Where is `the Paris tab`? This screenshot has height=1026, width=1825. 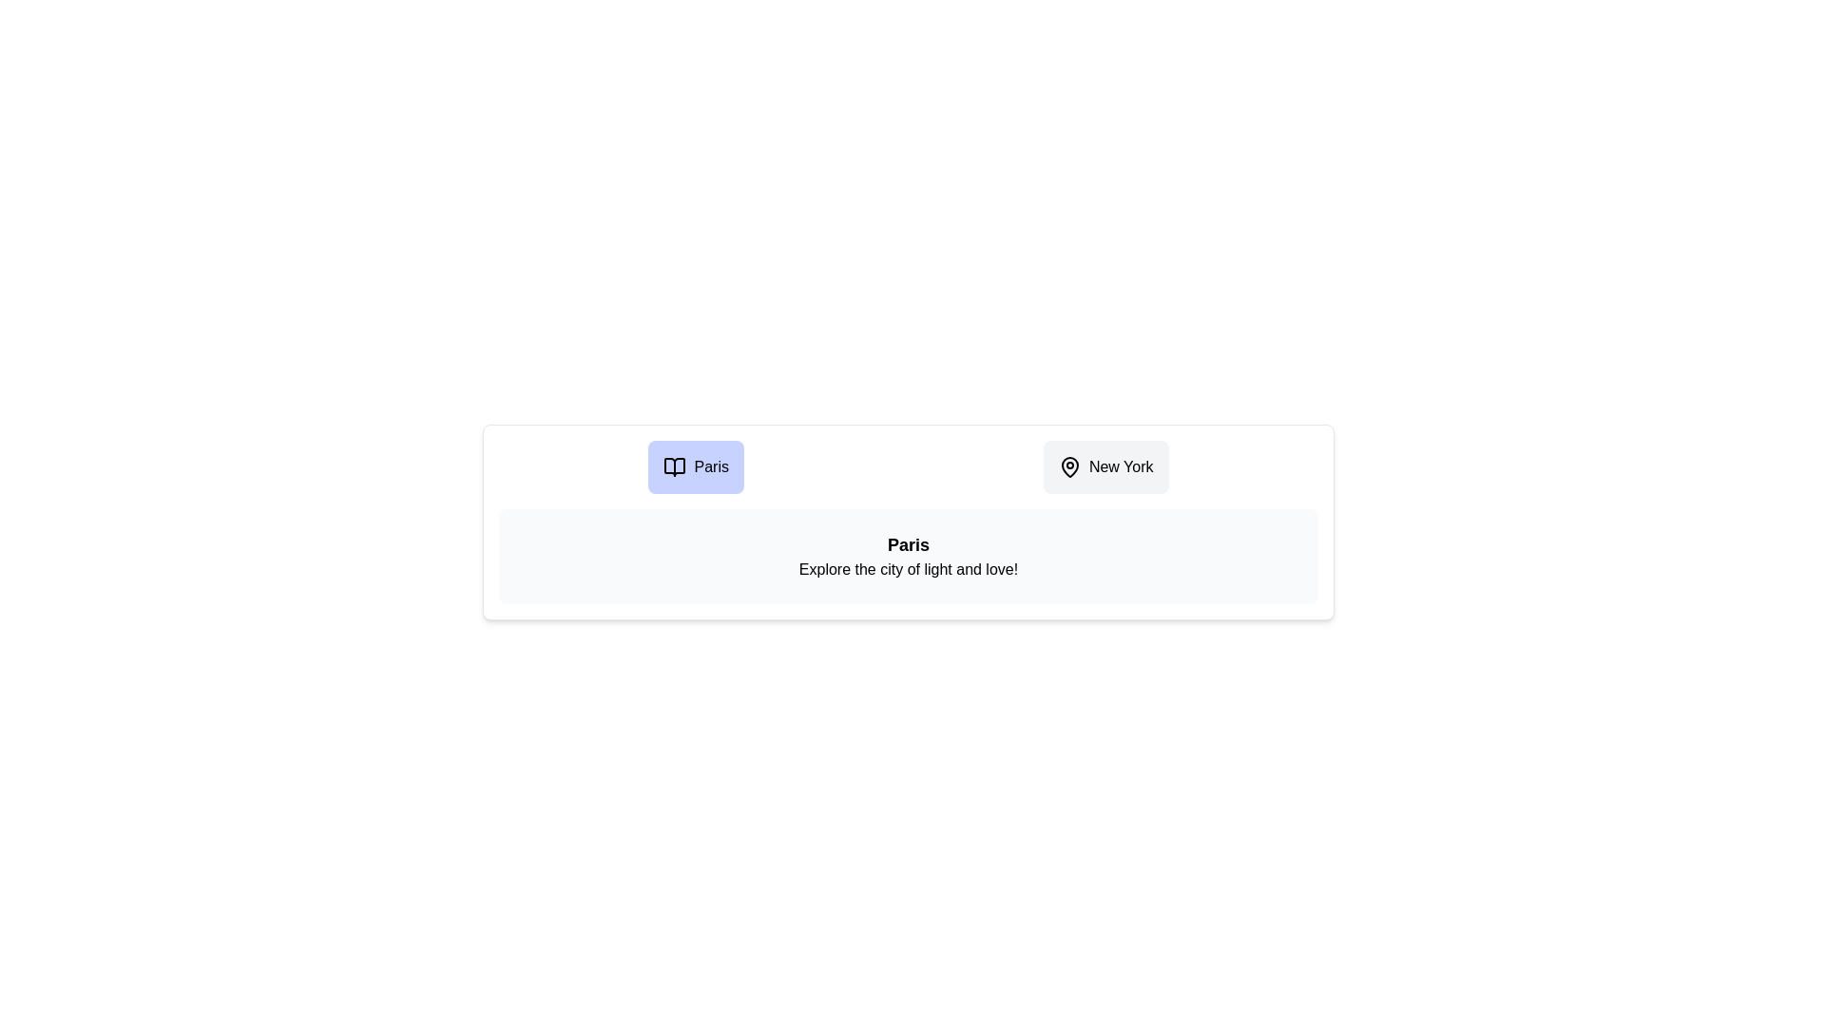 the Paris tab is located at coordinates (695, 467).